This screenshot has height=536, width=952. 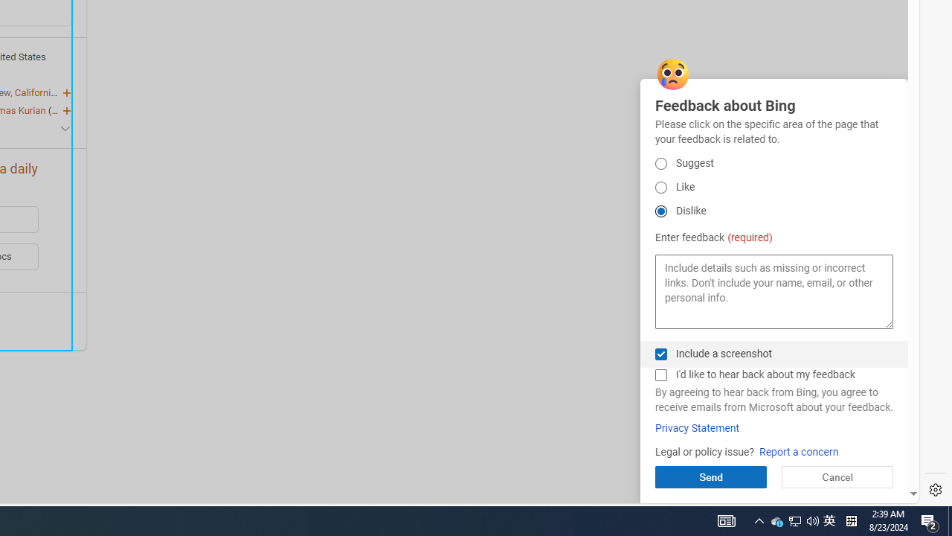 I want to click on 'Privacy Statement', so click(x=696, y=428).